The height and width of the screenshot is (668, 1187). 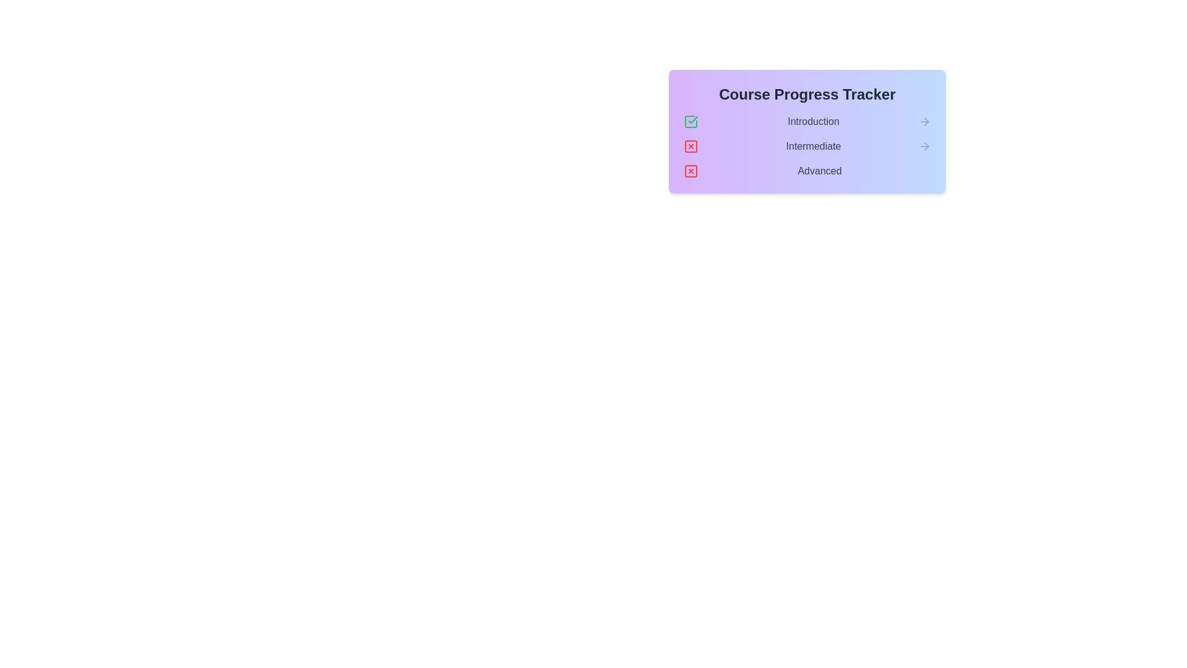 What do you see at coordinates (925, 171) in the screenshot?
I see `the arrow icon to the right of the stage Advanced` at bounding box center [925, 171].